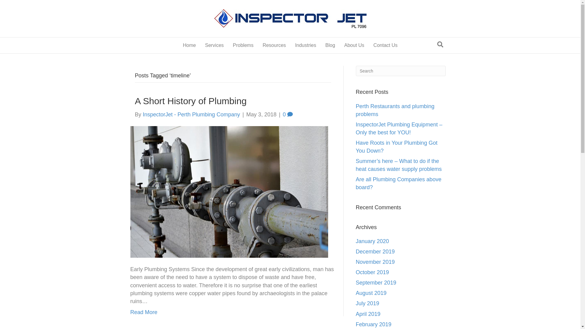 This screenshot has height=329, width=585. What do you see at coordinates (200, 45) in the screenshot?
I see `'Services'` at bounding box center [200, 45].